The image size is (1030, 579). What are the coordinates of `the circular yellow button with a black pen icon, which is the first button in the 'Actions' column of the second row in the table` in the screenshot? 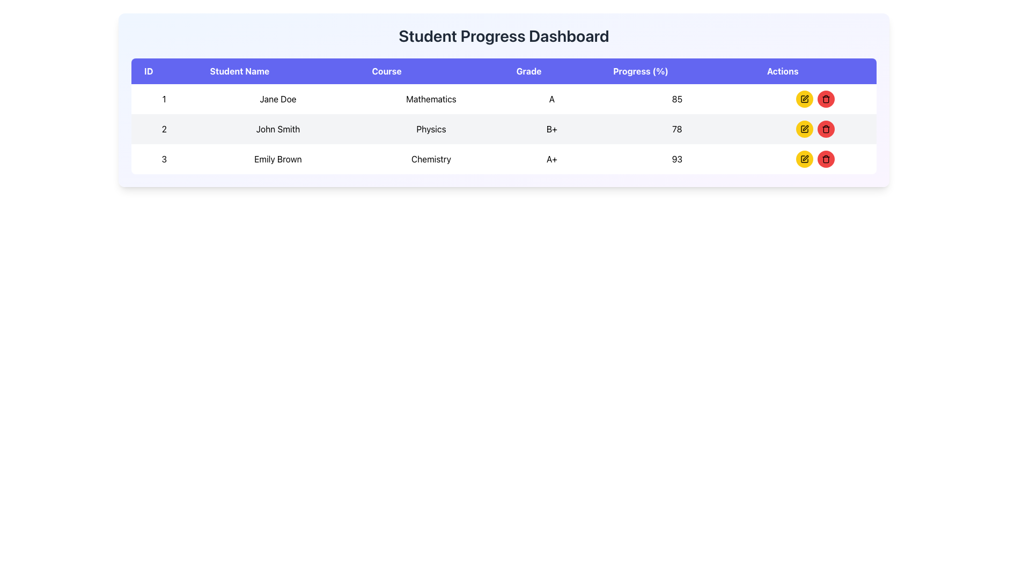 It's located at (804, 128).